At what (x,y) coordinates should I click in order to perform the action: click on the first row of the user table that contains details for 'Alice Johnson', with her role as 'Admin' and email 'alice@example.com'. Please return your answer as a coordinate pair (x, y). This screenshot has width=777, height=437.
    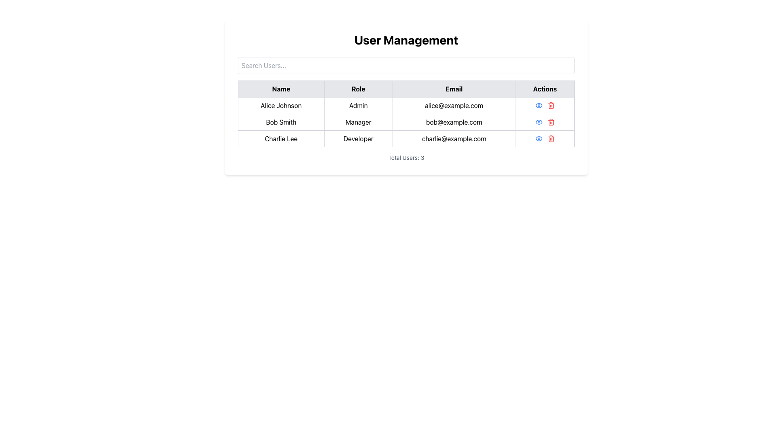
    Looking at the image, I should click on (406, 105).